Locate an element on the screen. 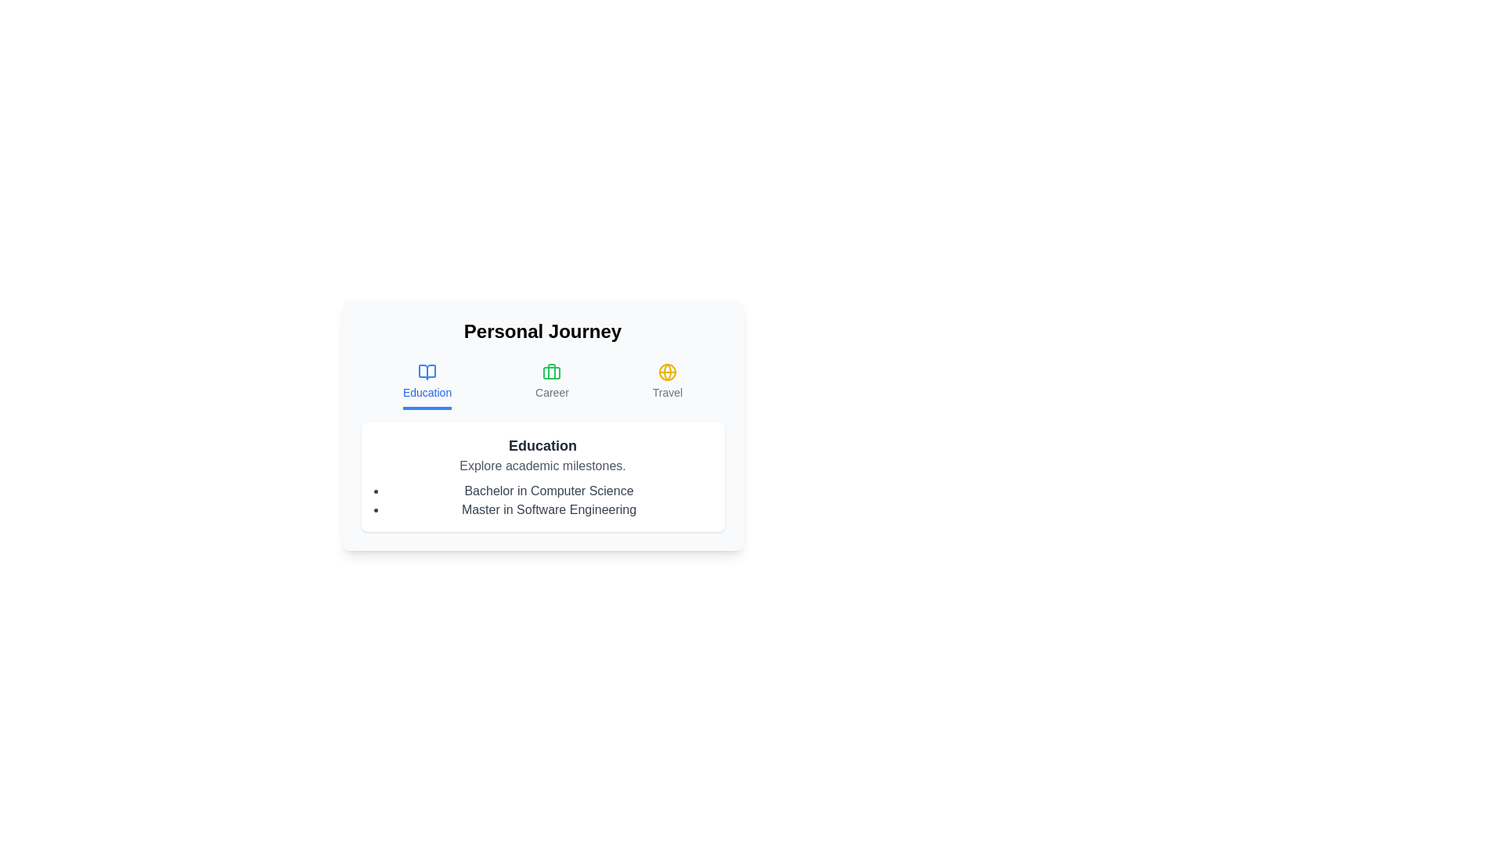  text content of the 'Education' label located underneath the book icon in the navigation group is located at coordinates (427, 391).